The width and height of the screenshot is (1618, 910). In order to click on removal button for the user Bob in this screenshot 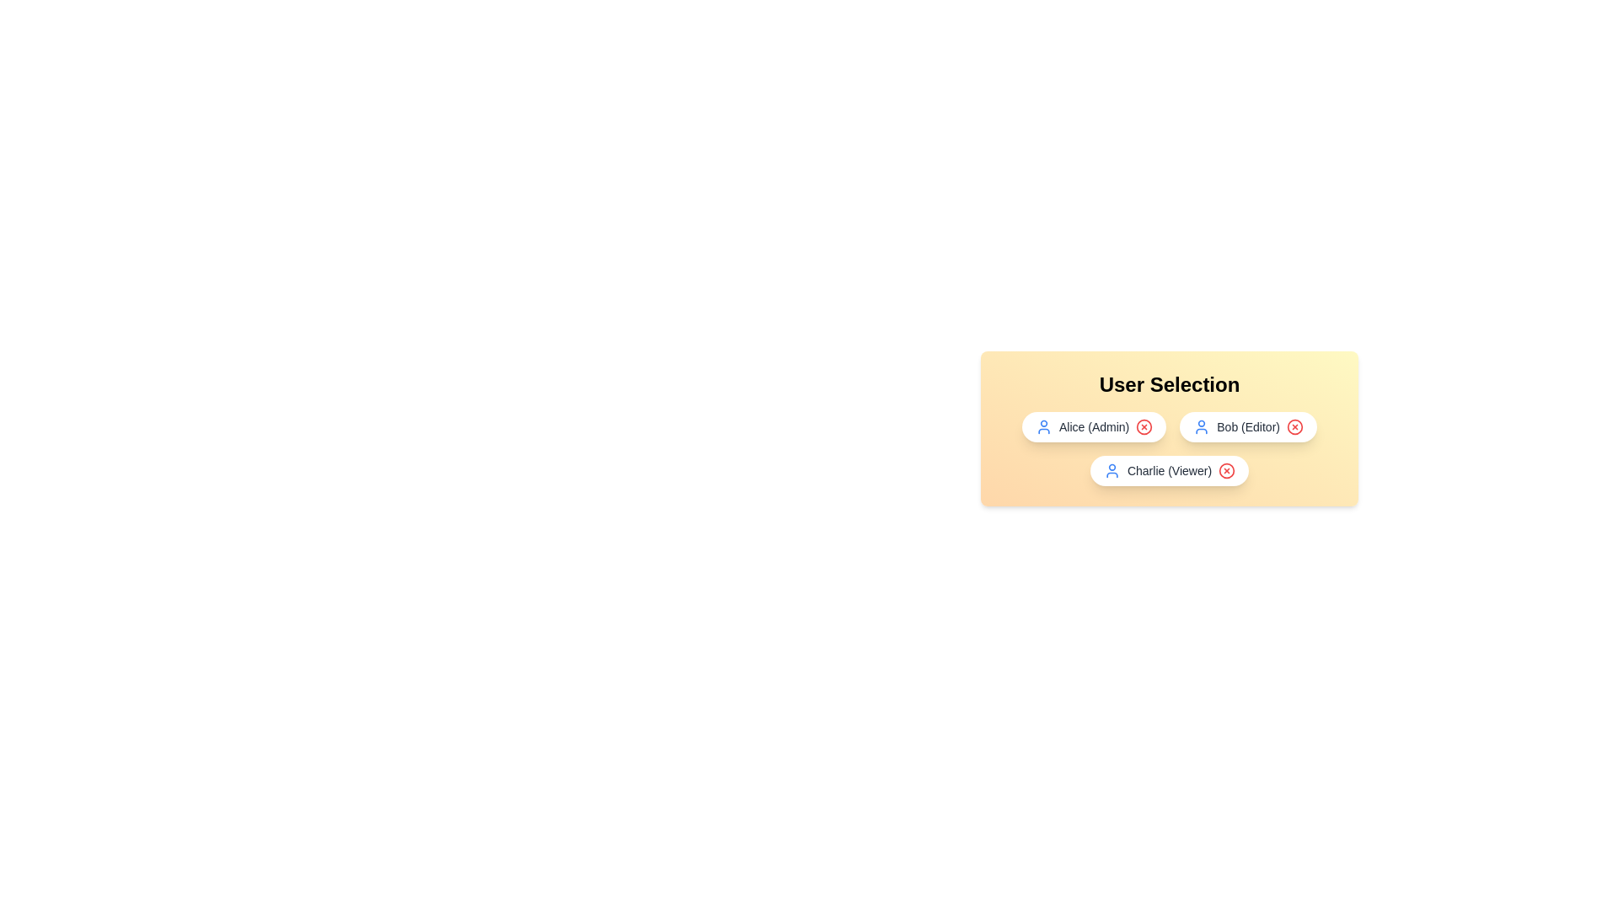, I will do `click(1294, 426)`.